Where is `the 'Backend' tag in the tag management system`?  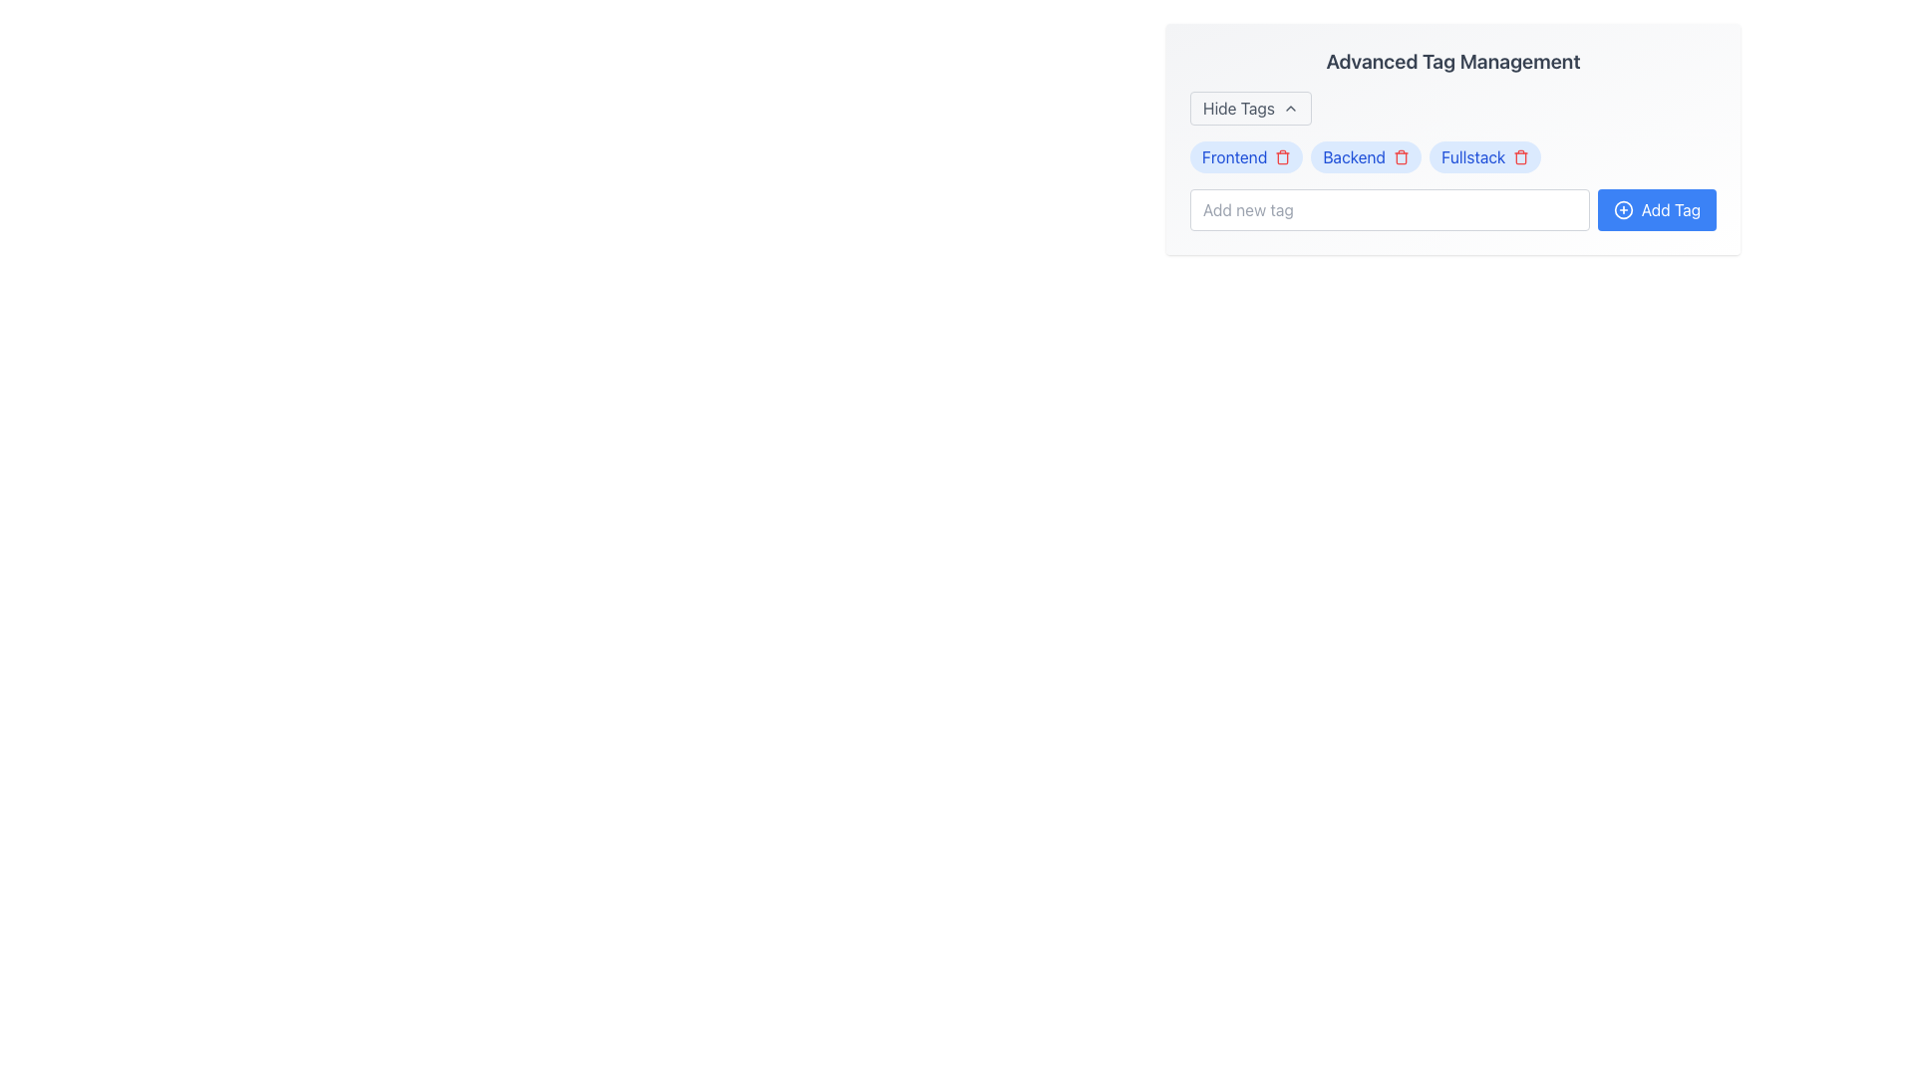 the 'Backend' tag in the tag management system is located at coordinates (1365, 156).